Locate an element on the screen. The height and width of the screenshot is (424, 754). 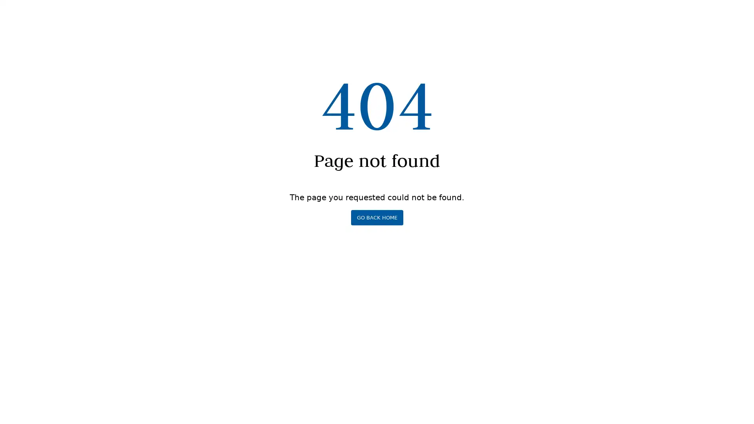
GO BACK HOME is located at coordinates (376, 217).